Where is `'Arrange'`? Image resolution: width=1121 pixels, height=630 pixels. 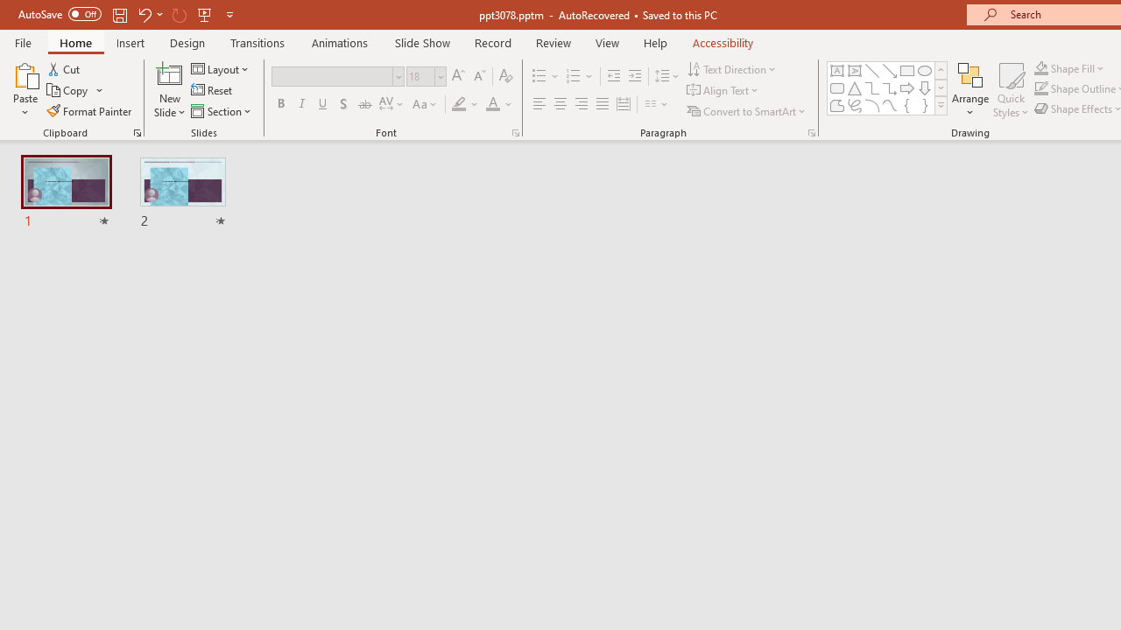
'Arrange' is located at coordinates (969, 90).